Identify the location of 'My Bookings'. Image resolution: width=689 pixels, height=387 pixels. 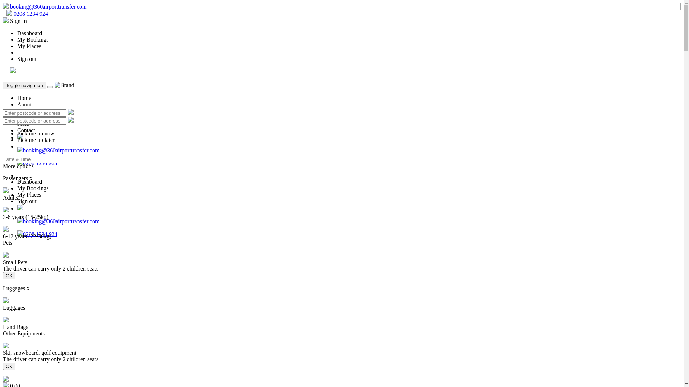
(32, 39).